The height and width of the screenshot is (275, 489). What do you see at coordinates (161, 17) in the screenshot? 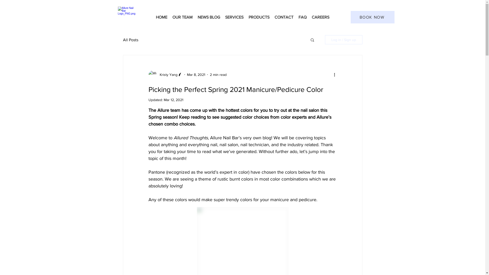
I see `'HOME'` at bounding box center [161, 17].